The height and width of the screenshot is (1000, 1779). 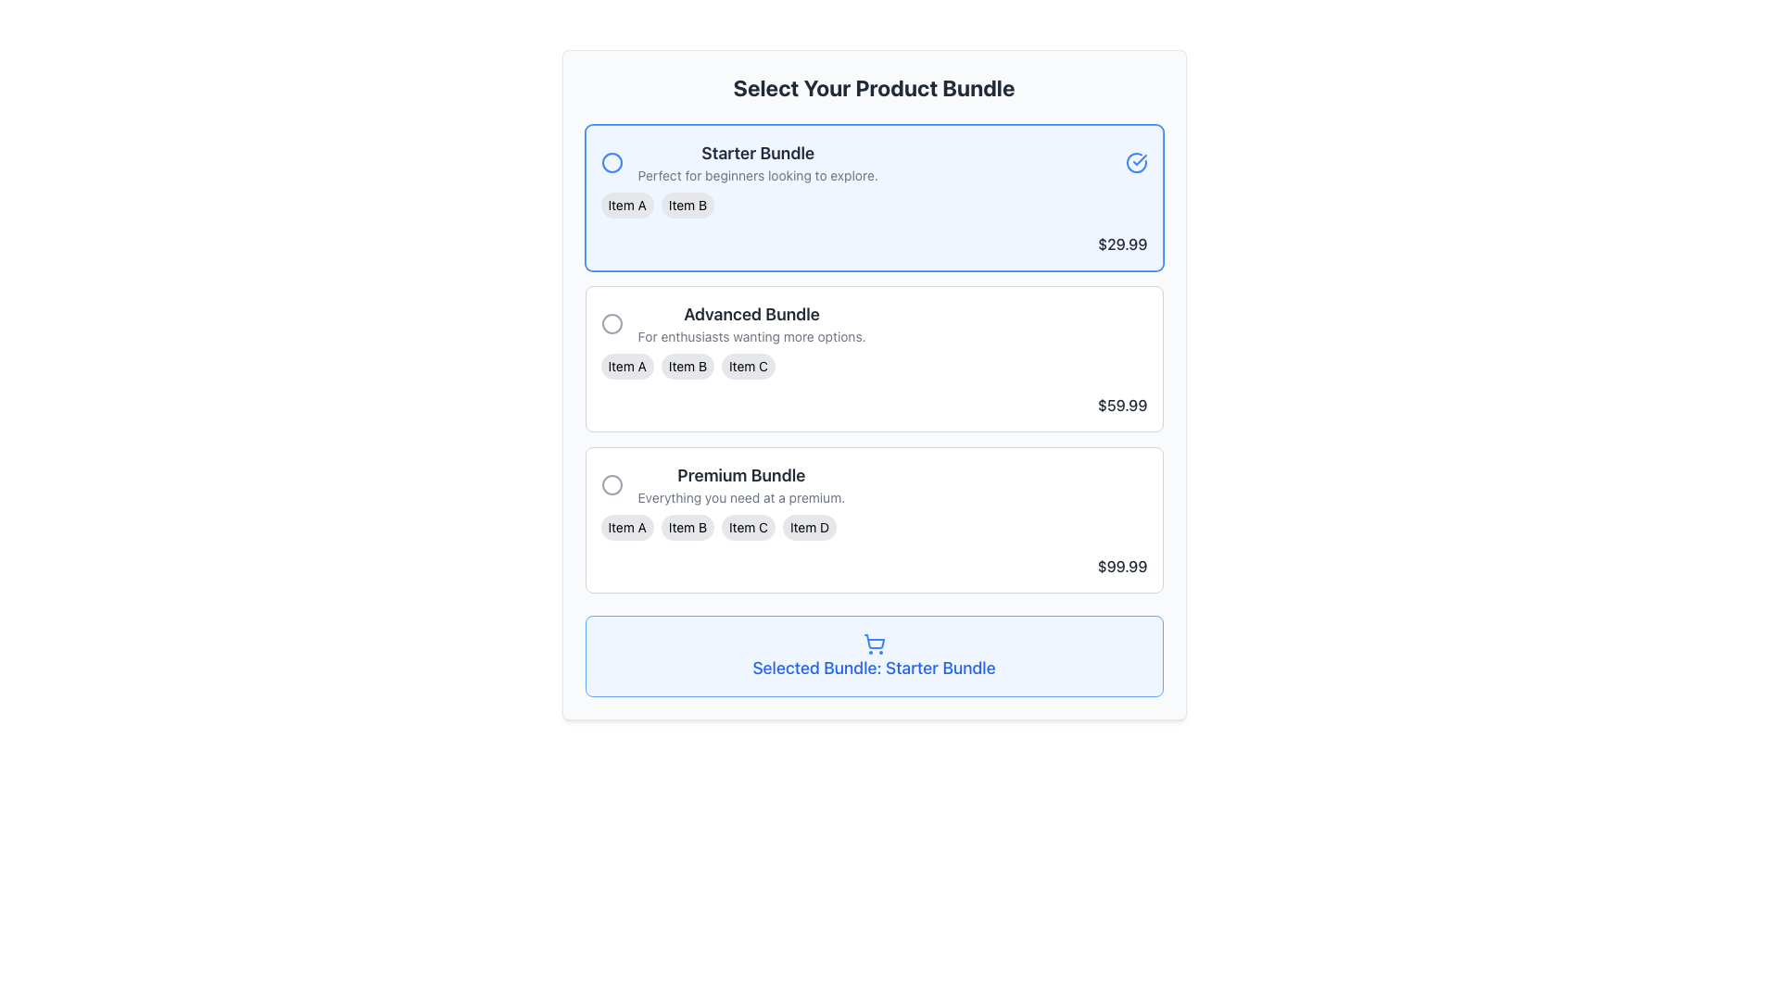 What do you see at coordinates (751, 323) in the screenshot?
I see `Text Block displaying the title 'Advanced Bundle' with the description 'For enthusiasts wanting more options.' It is located in the second product bundle section, centrally placed beneath a circular selection button` at bounding box center [751, 323].